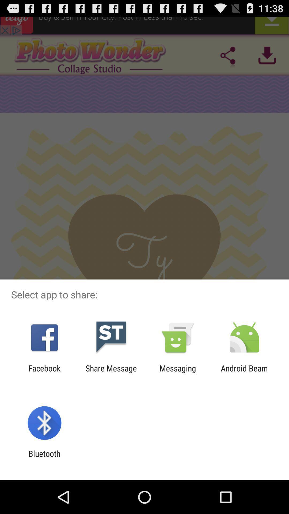 Image resolution: width=289 pixels, height=514 pixels. I want to click on the icon to the left of android beam app, so click(178, 373).